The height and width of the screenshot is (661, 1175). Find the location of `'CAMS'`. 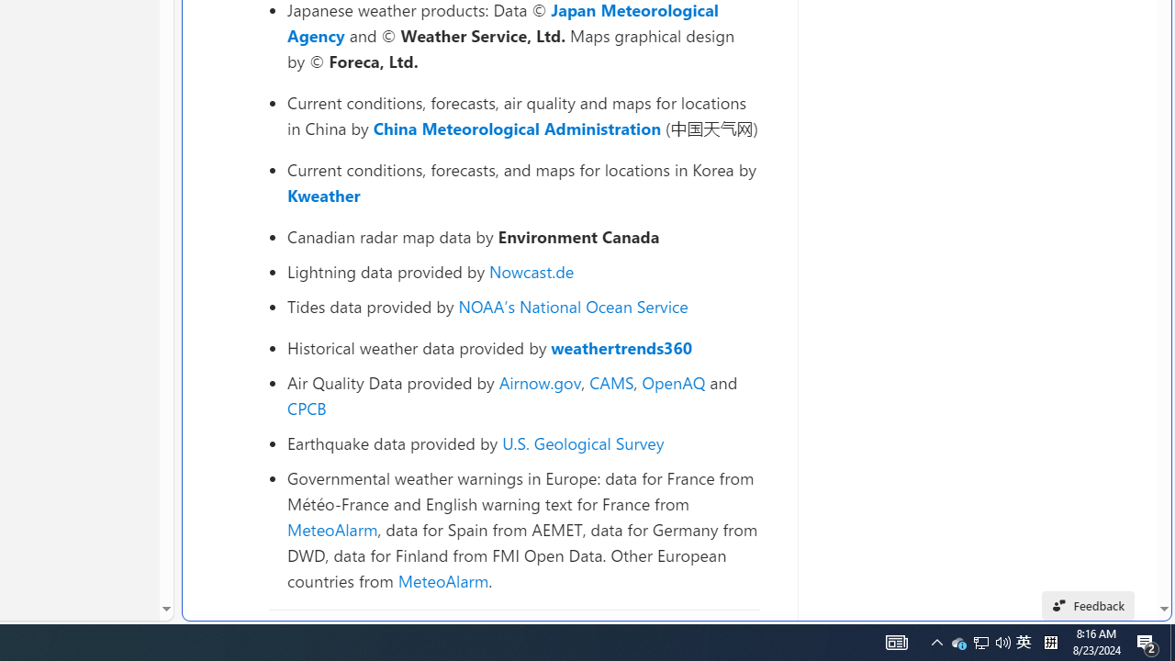

'CAMS' is located at coordinates (611, 381).